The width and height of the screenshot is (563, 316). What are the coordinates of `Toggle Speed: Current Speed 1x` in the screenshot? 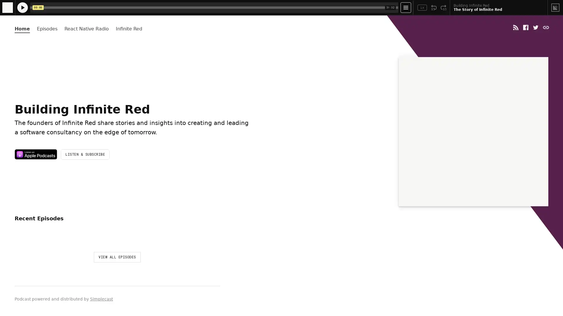 It's located at (422, 8).